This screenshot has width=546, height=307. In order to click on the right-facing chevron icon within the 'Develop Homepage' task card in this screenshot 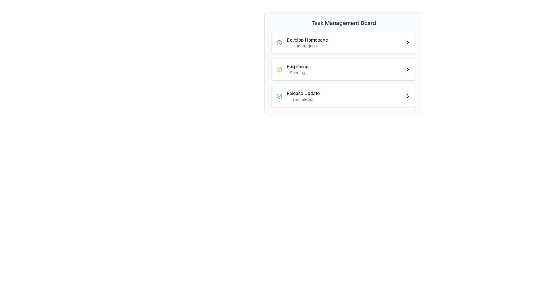, I will do `click(408, 42)`.